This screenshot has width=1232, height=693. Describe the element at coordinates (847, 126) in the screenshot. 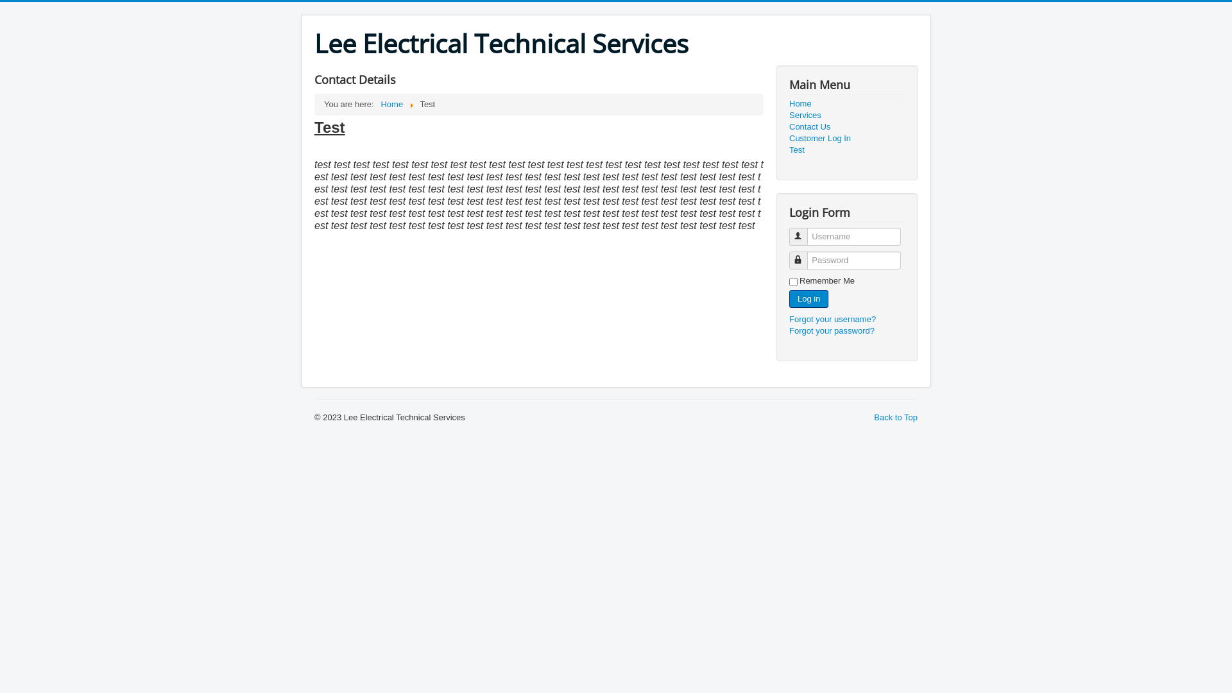

I see `'Contact Us'` at that location.